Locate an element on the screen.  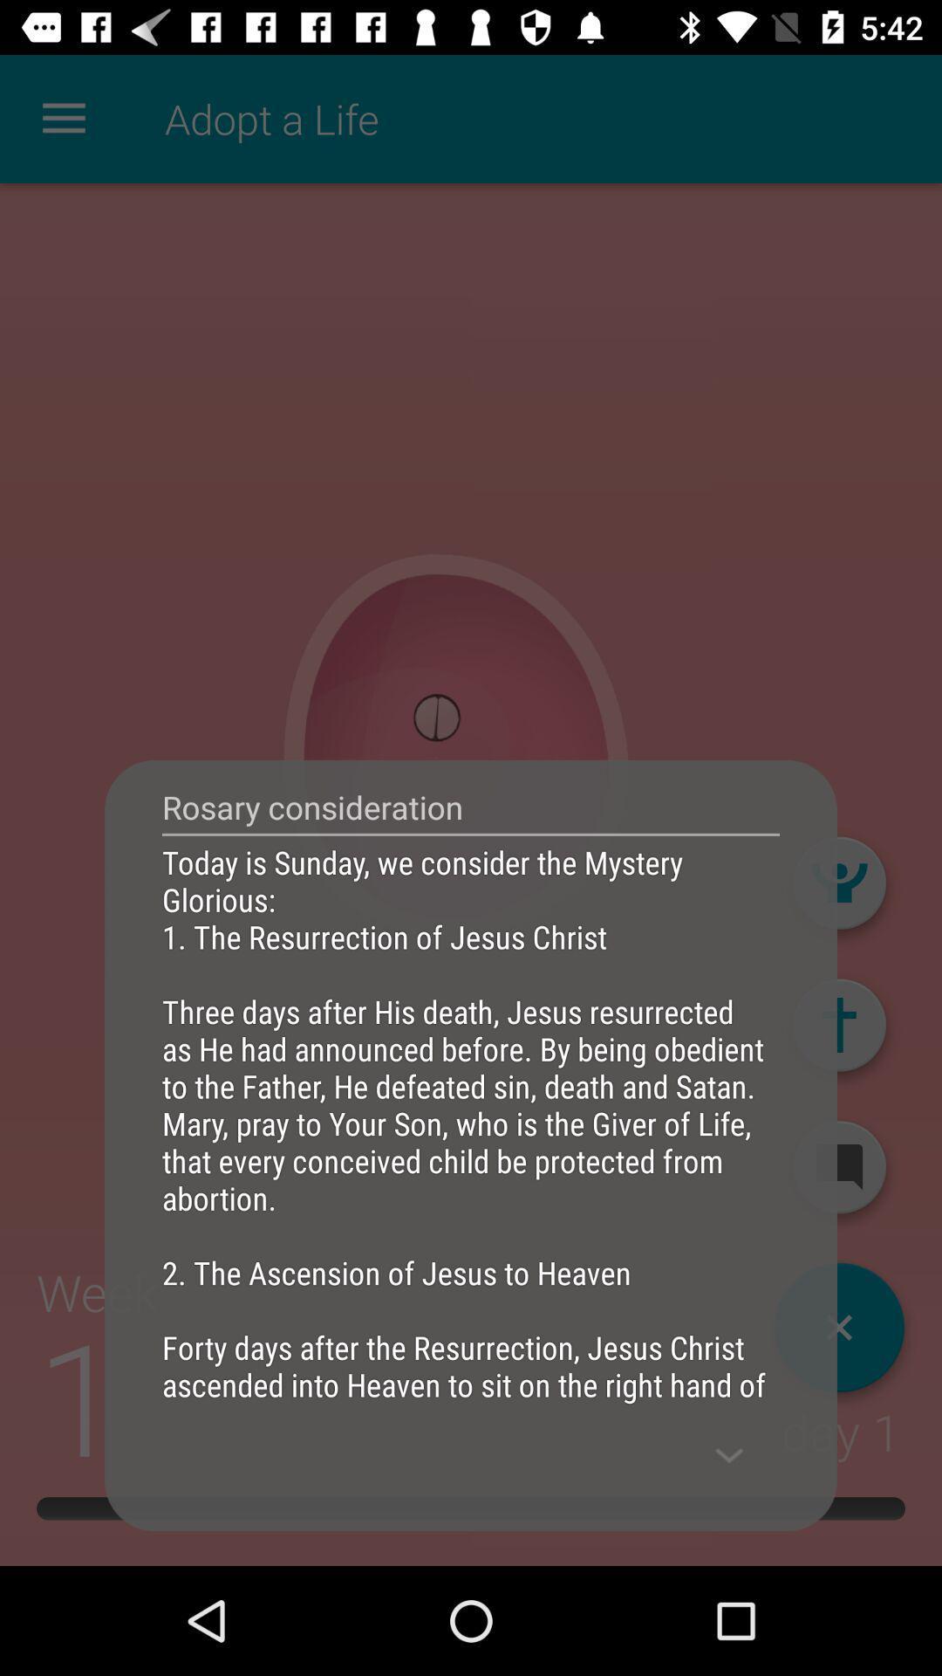
the item below today is sunday item is located at coordinates (729, 1455).